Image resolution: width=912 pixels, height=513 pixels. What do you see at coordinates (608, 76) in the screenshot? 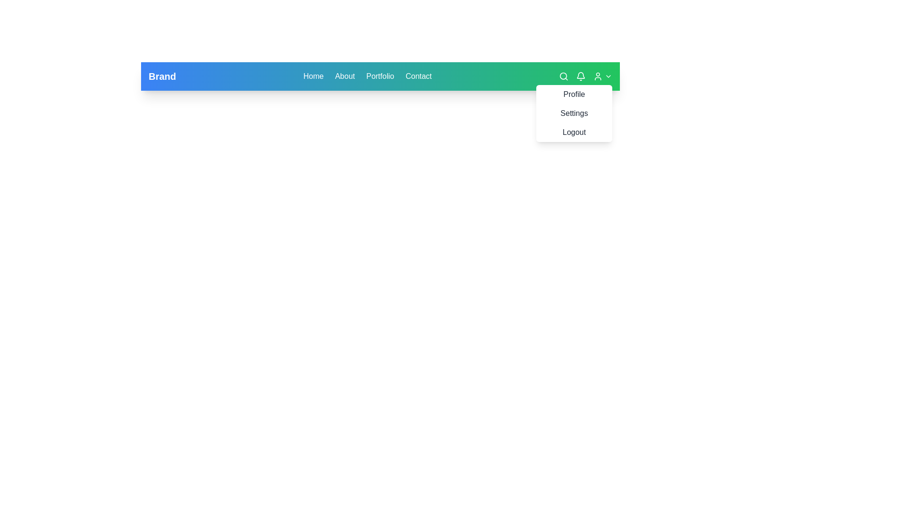
I see `the dropdown trigger icon located in the navigation bar, immediately to the right of the user icon` at bounding box center [608, 76].